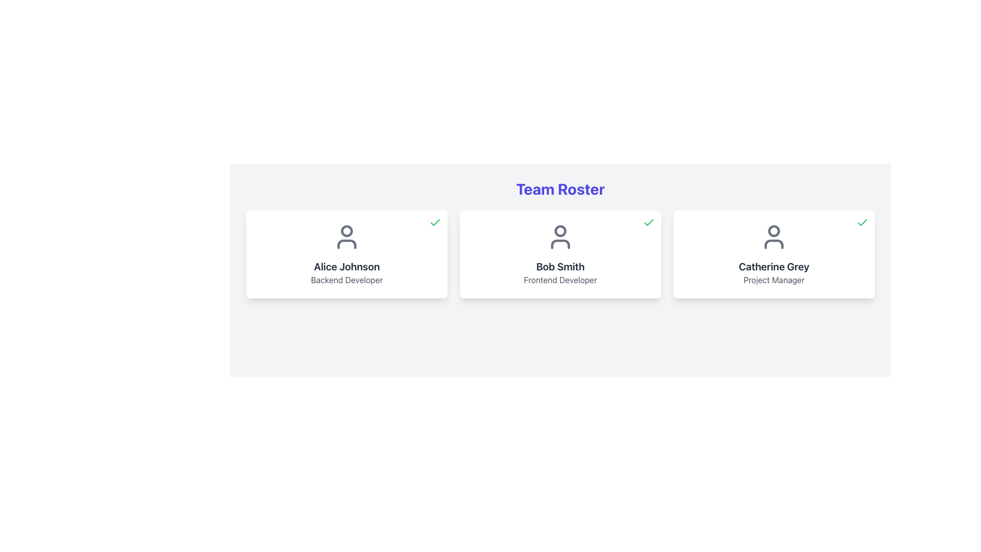 The image size is (981, 552). Describe the element at coordinates (774, 280) in the screenshot. I see `the text label displaying the role 'Project Manager' associated with 'Catherine Grey', located within her card, positioned directly below her name` at that location.